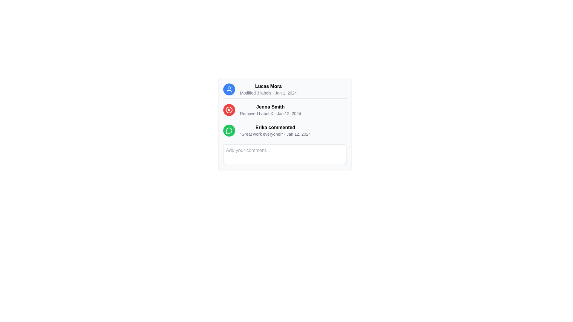 The height and width of the screenshot is (322, 573). I want to click on the user activity entry for 'Lucas Mora', so click(285, 91).